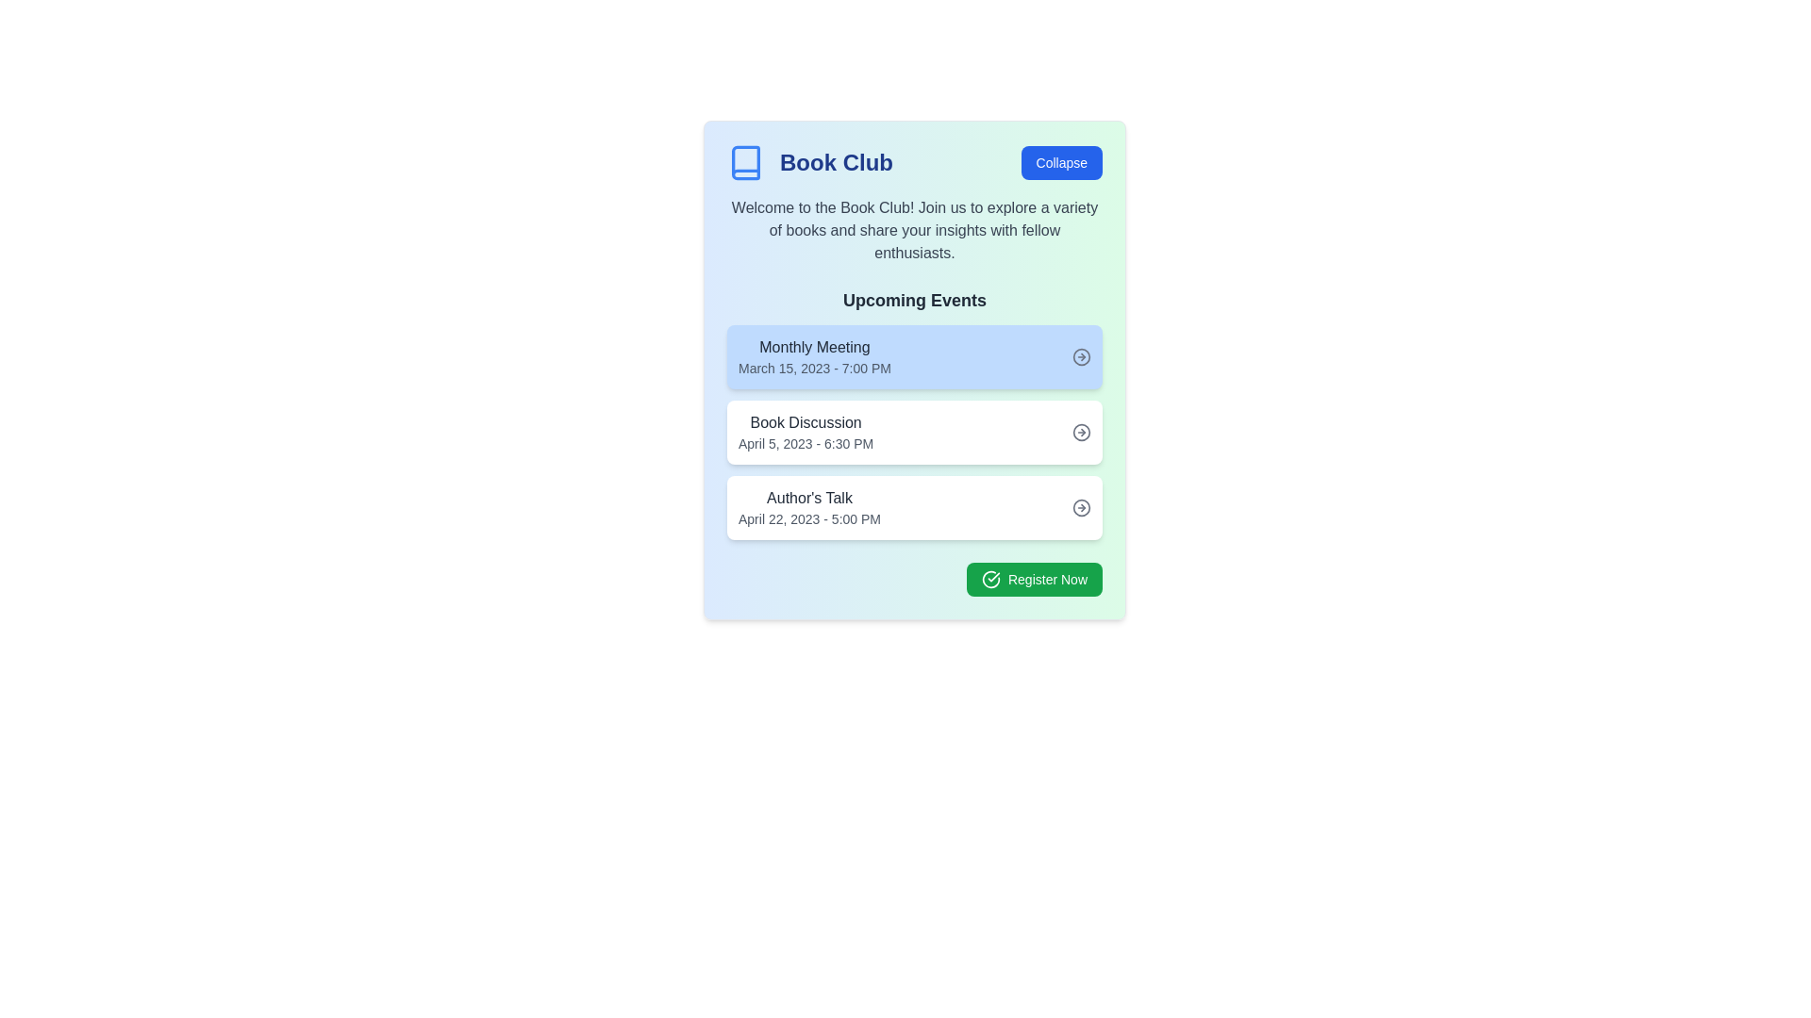  What do you see at coordinates (815, 348) in the screenshot?
I see `title 'Monthly Meeting' displayed in bold and dark gray color, positioned at the top of the upcoming events list` at bounding box center [815, 348].